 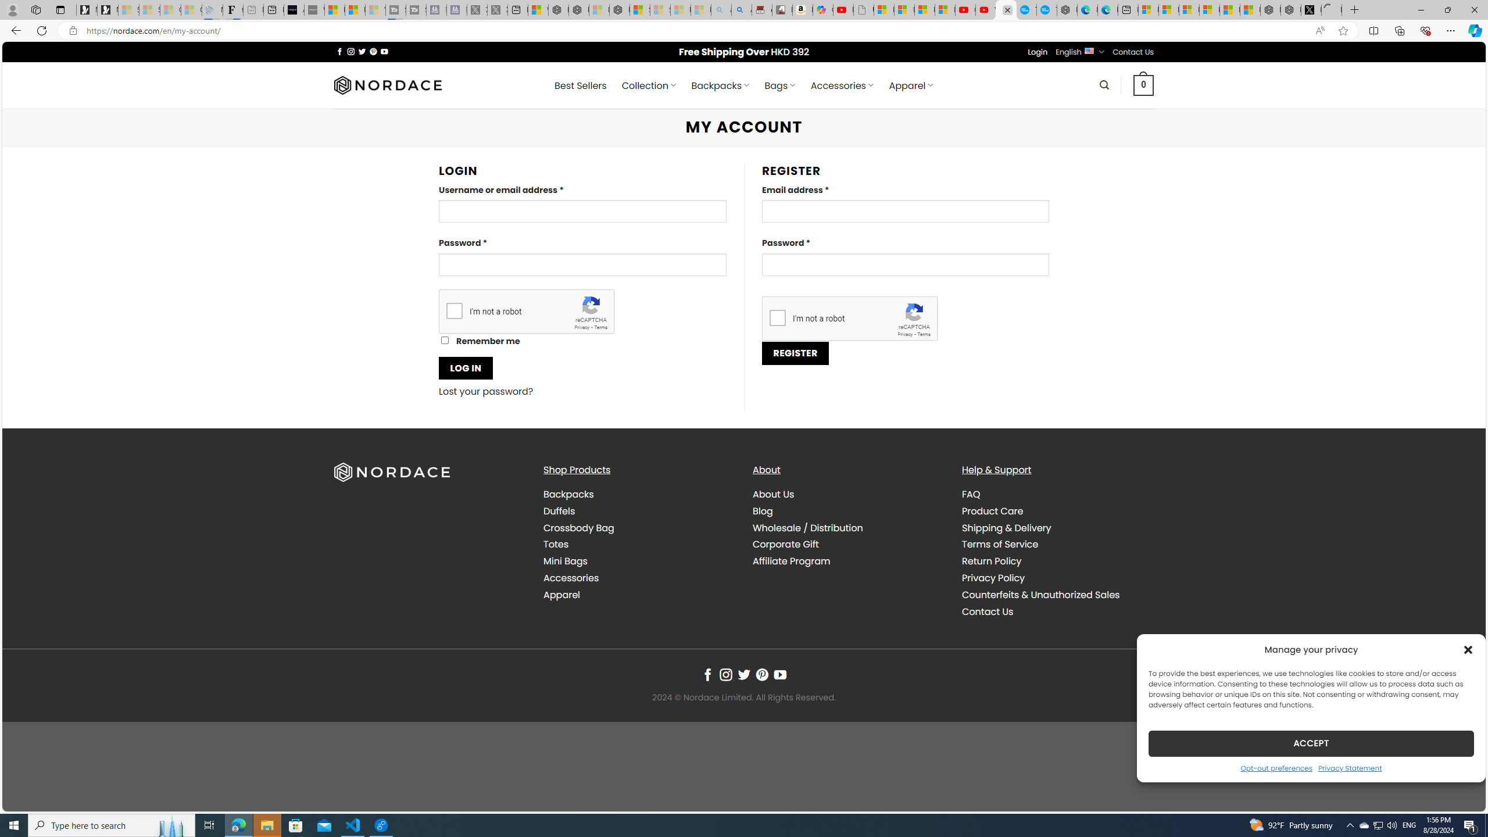 I want to click on 'Crossbody Bag', so click(x=578, y=527).